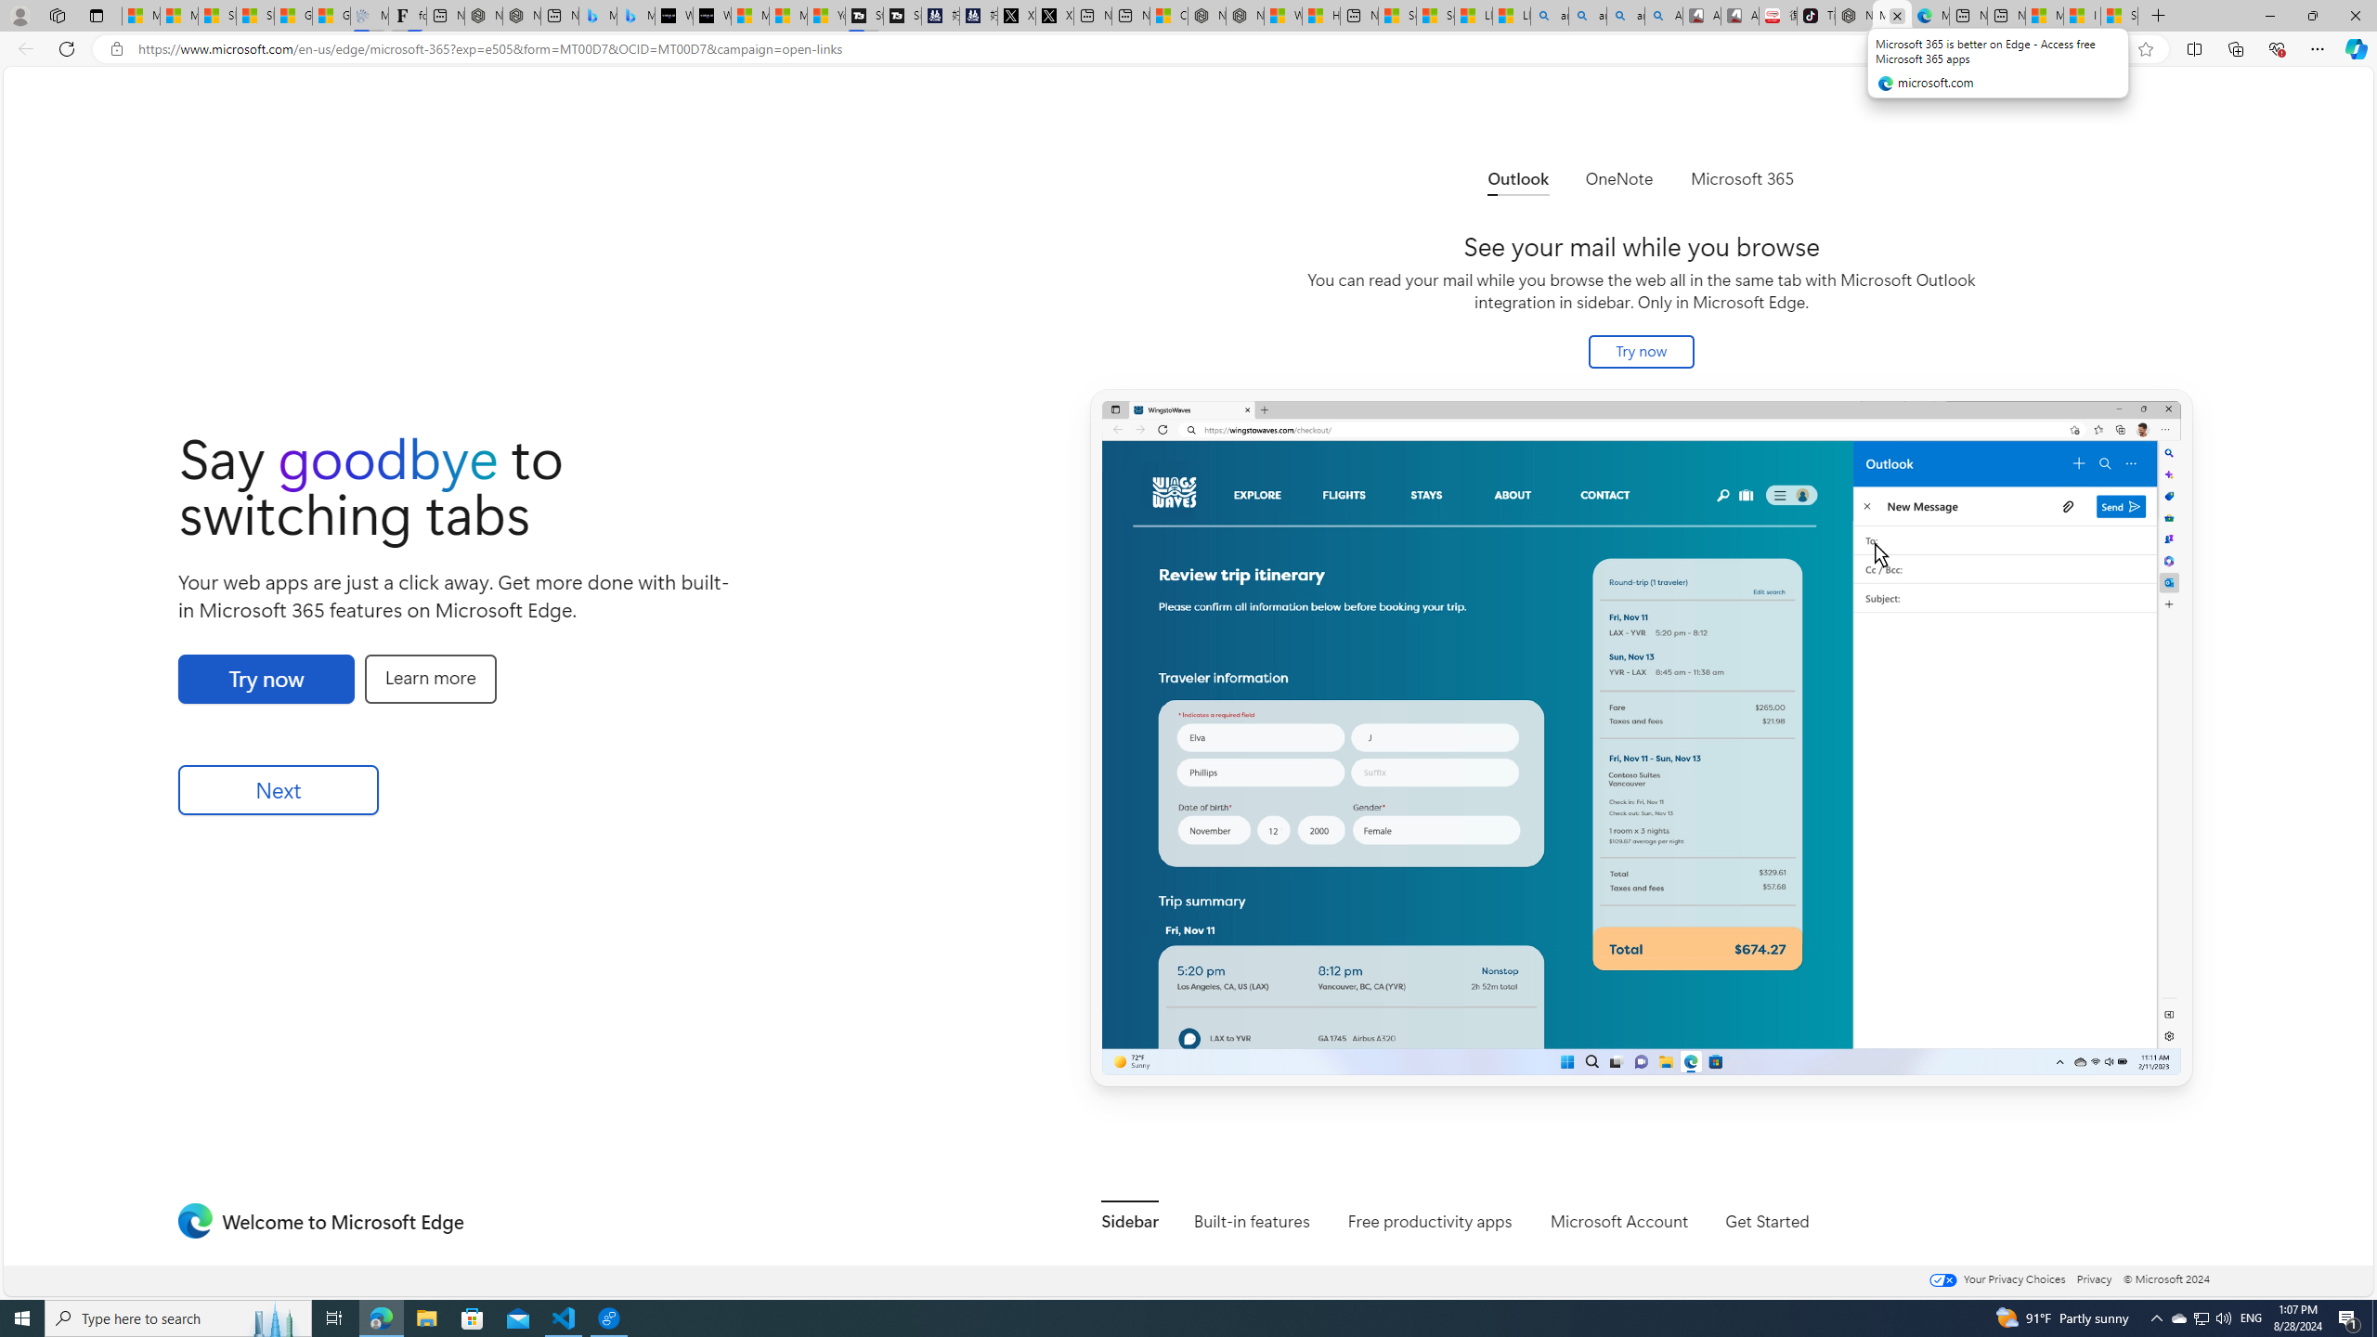  Describe the element at coordinates (2108, 49) in the screenshot. I see `'Enhance video'` at that location.